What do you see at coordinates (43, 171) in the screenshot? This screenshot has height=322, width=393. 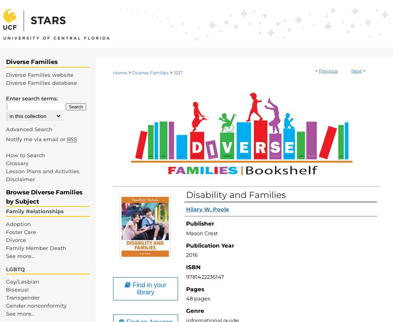 I see `'Lesson Plans and Activities'` at bounding box center [43, 171].